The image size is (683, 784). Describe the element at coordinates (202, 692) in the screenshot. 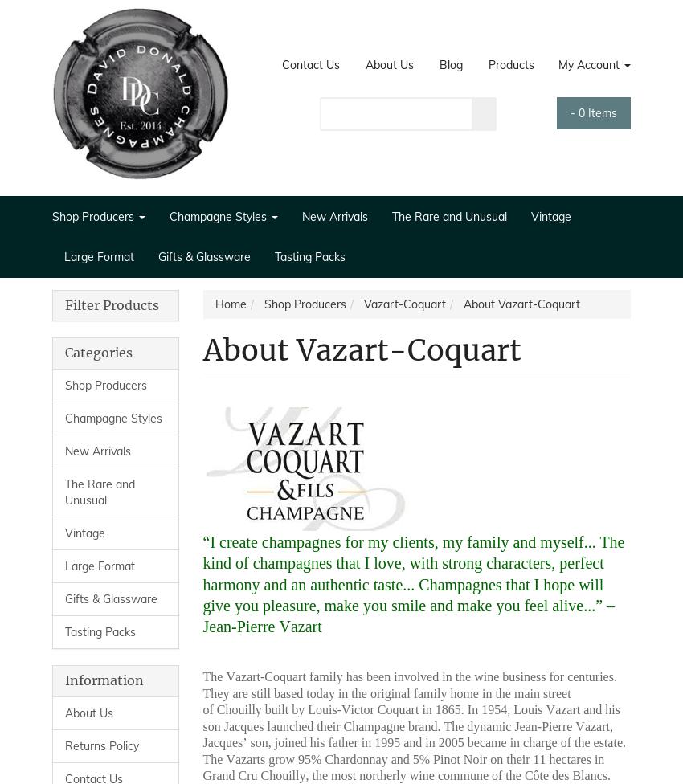

I see `'family has been involved in the wine business for centuries. They are still based today in the original family home in the main street of'` at that location.